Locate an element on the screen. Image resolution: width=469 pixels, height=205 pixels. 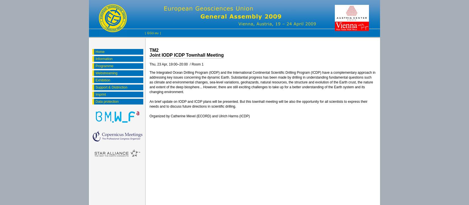
'The Integrated Ocean Drilling Program (IODP) and the International Continental Scientific Drilling Program (ICDP) have a complementary approach in addressing key issues concerning the dynamic Earth. Substantial progress has been made by drilling in understanding  fundamental questions  such as climate and environmental changes, sea-level variations, geohazards, natural  resources, the structure and evolution of the Earth crust, the nature and extent of the deep biosphere... However, there are still exciting challenges to take up for a better understanding of  the Earth system and its changing environment.' is located at coordinates (262, 82).